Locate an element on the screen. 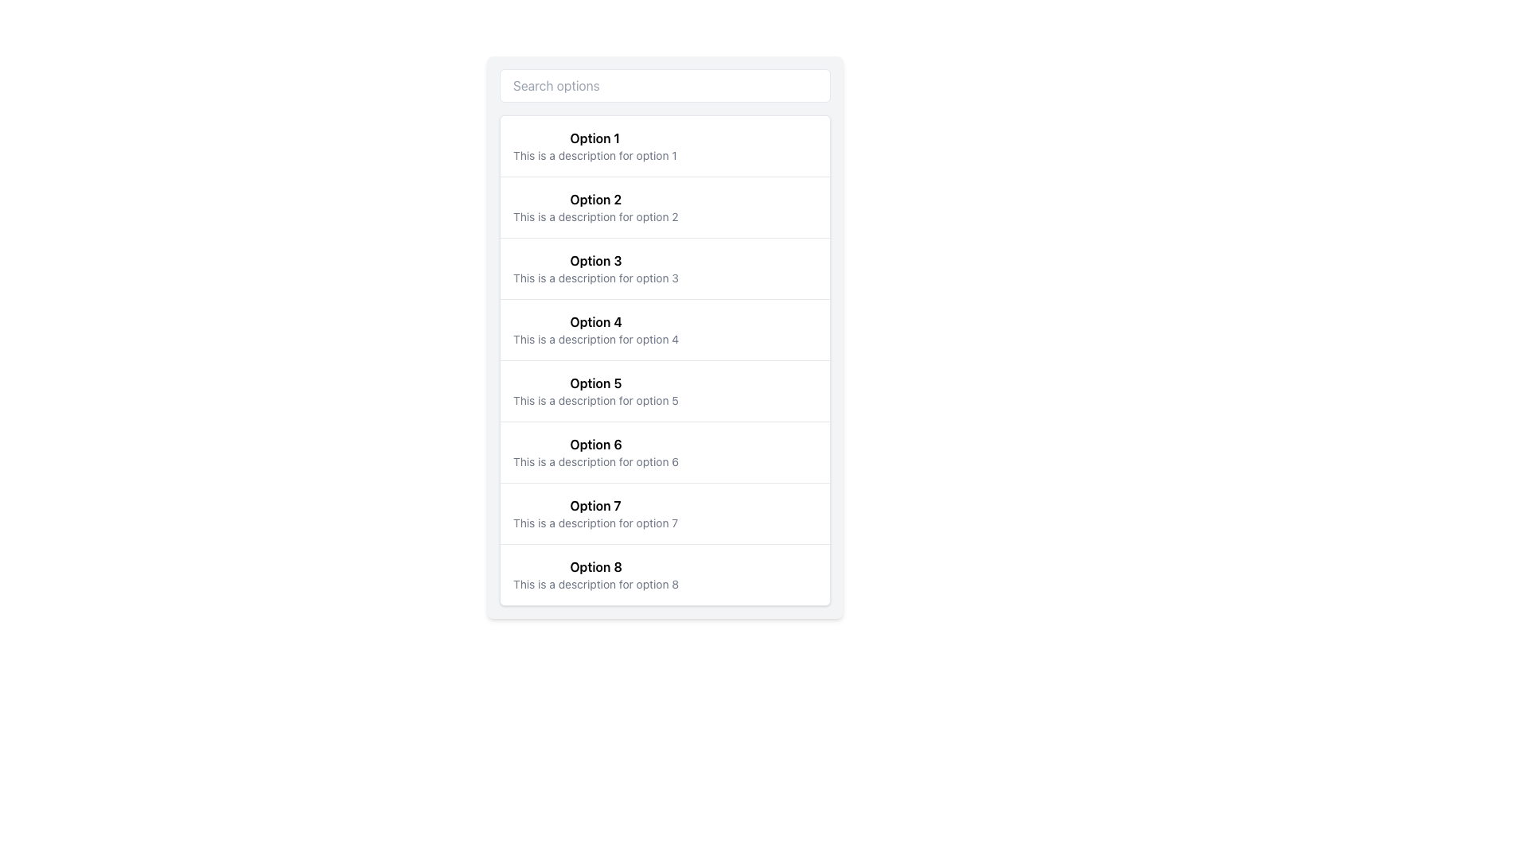 Image resolution: width=1528 pixels, height=859 pixels. descriptive text located under the title 'Option 6' in the sixth item of the list to understand more details about the option is located at coordinates (594, 462).